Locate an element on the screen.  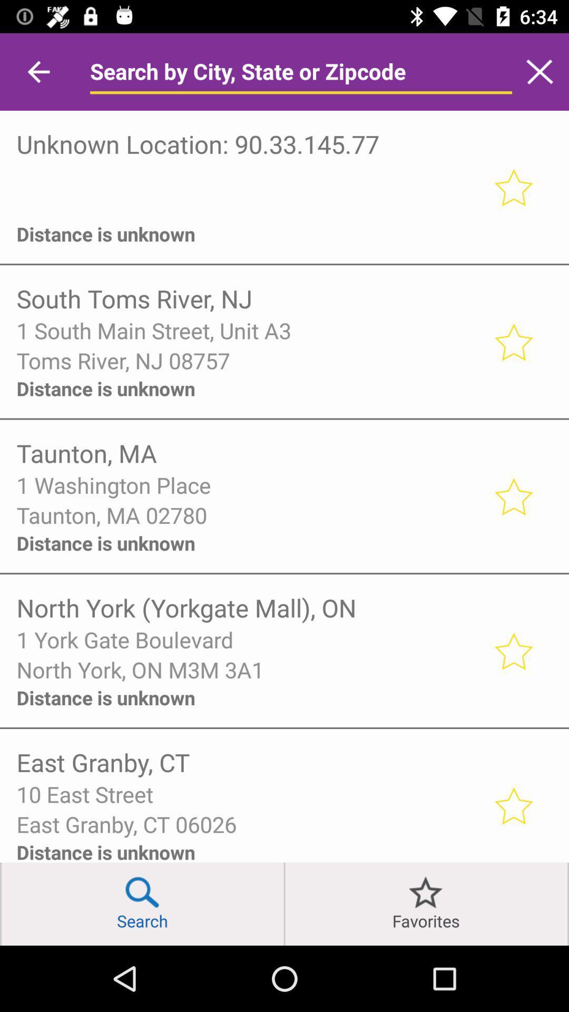
favorite is located at coordinates (513, 342).